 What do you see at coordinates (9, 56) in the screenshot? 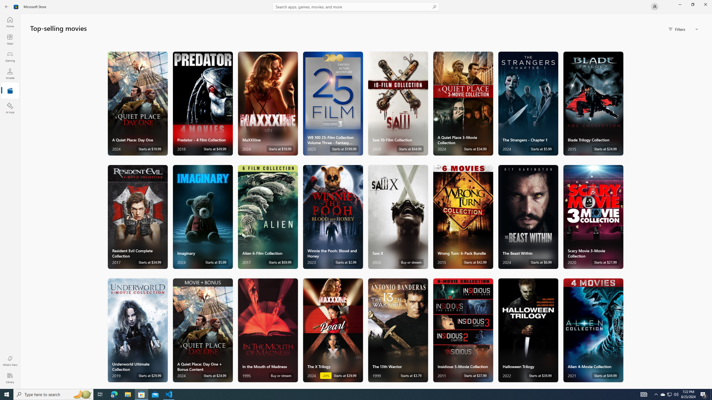
I see `'Gaming'` at bounding box center [9, 56].